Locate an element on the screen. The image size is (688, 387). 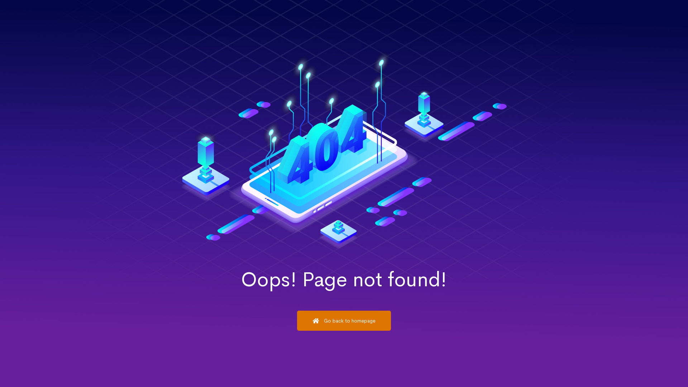
'Go back to homepage' is located at coordinates (344, 320).